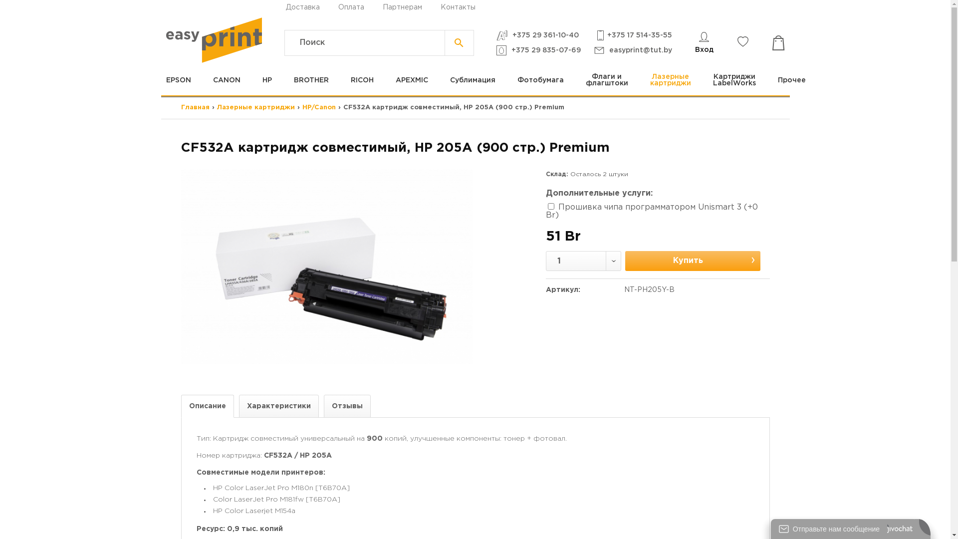 This screenshot has width=958, height=539. I want to click on '+375 29 835-07-69', so click(538, 50).